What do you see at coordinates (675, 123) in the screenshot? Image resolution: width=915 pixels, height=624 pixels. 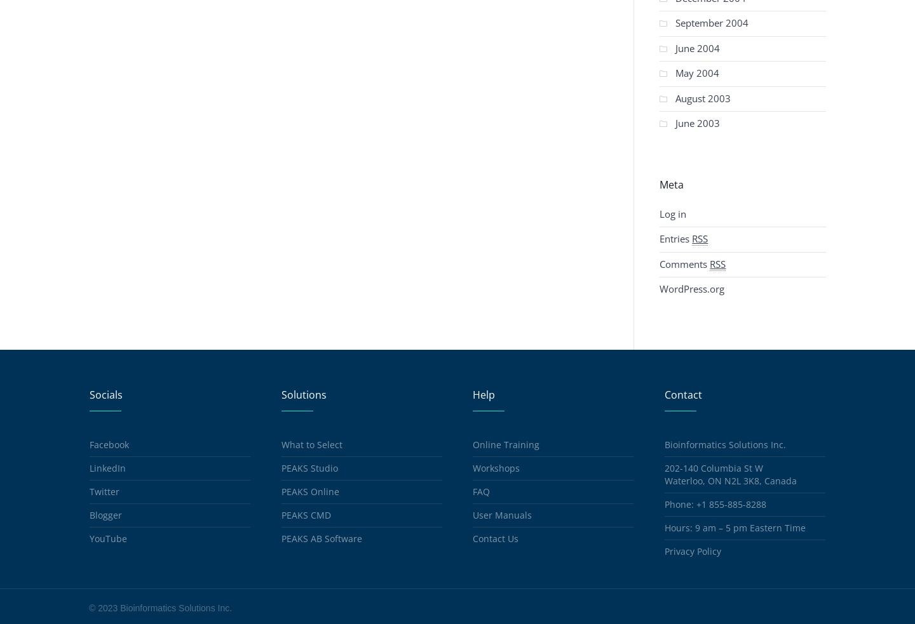 I see `'June 2003'` at bounding box center [675, 123].